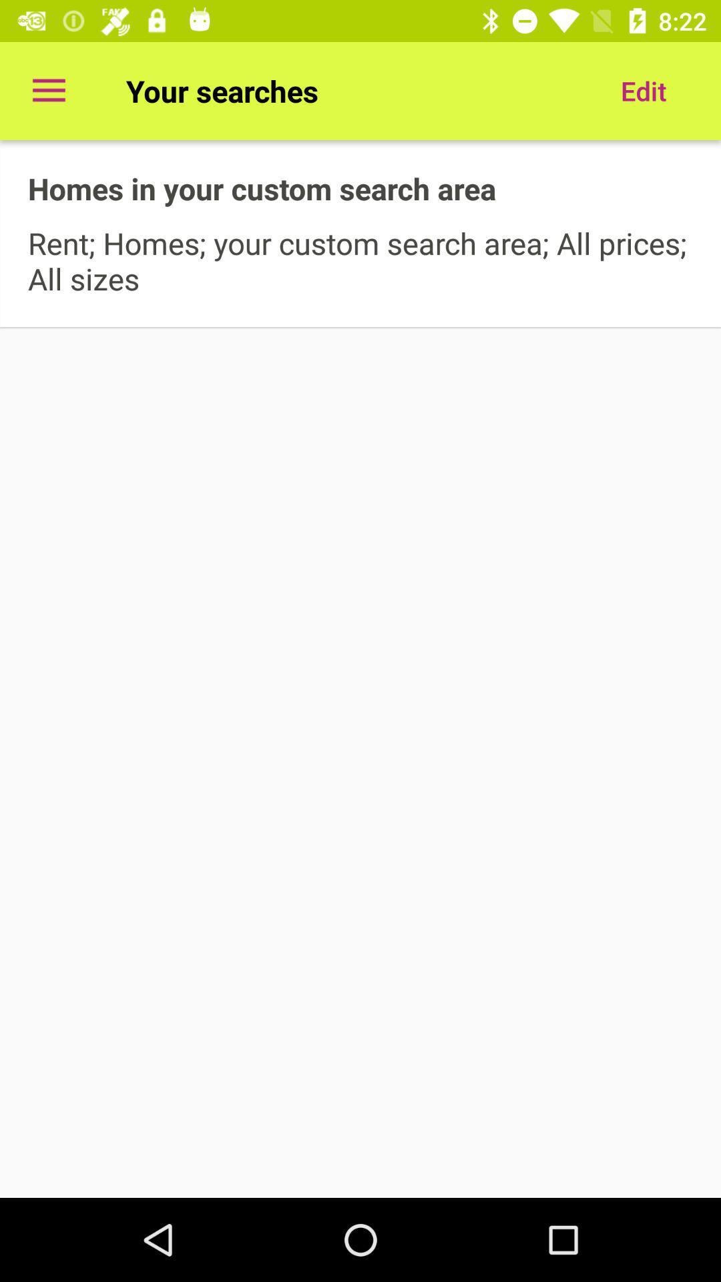 Image resolution: width=721 pixels, height=1282 pixels. I want to click on item next to the your searches item, so click(643, 90).